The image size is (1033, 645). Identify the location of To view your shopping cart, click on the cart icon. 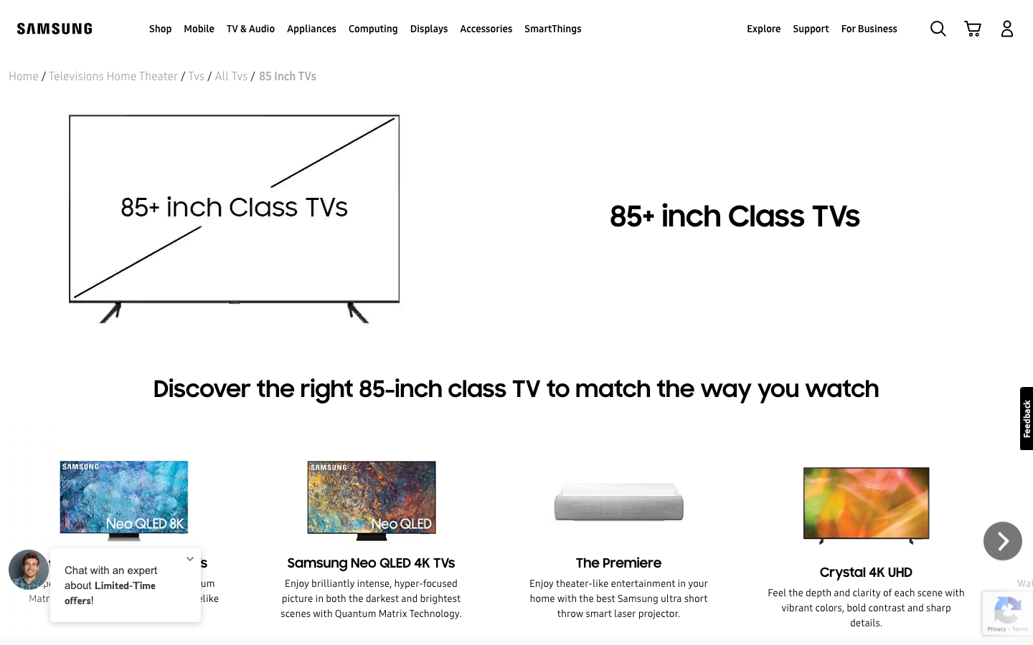
(972, 27).